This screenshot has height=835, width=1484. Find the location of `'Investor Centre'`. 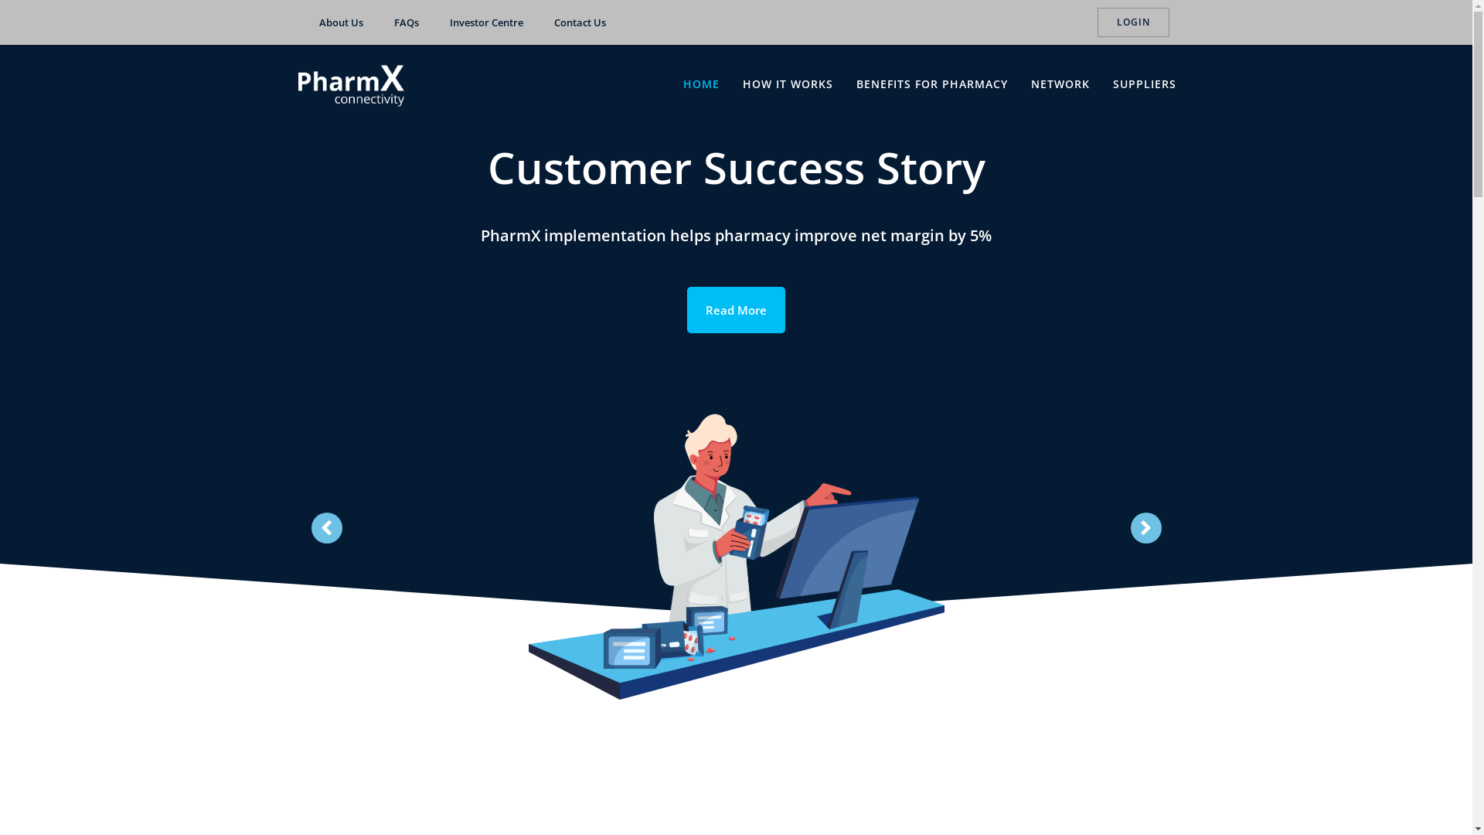

'Investor Centre' is located at coordinates (485, 22).